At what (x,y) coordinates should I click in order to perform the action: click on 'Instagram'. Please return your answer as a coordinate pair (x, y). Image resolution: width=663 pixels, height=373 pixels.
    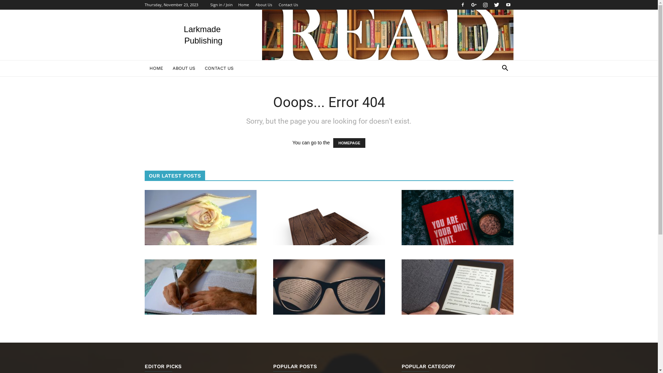
    Looking at the image, I should click on (485, 5).